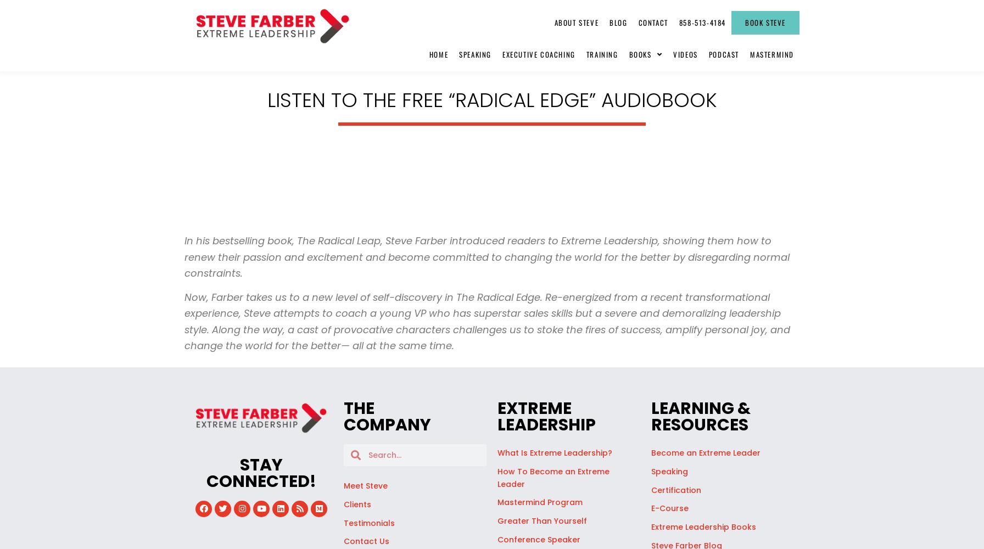 The height and width of the screenshot is (549, 984). I want to click on 'Love is Just Damn Good Business', so click(668, 82).